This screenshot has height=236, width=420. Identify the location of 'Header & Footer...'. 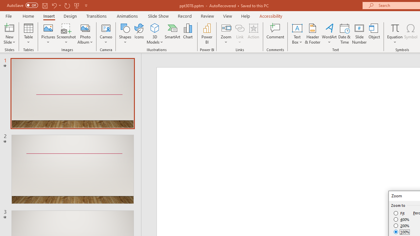
(312, 34).